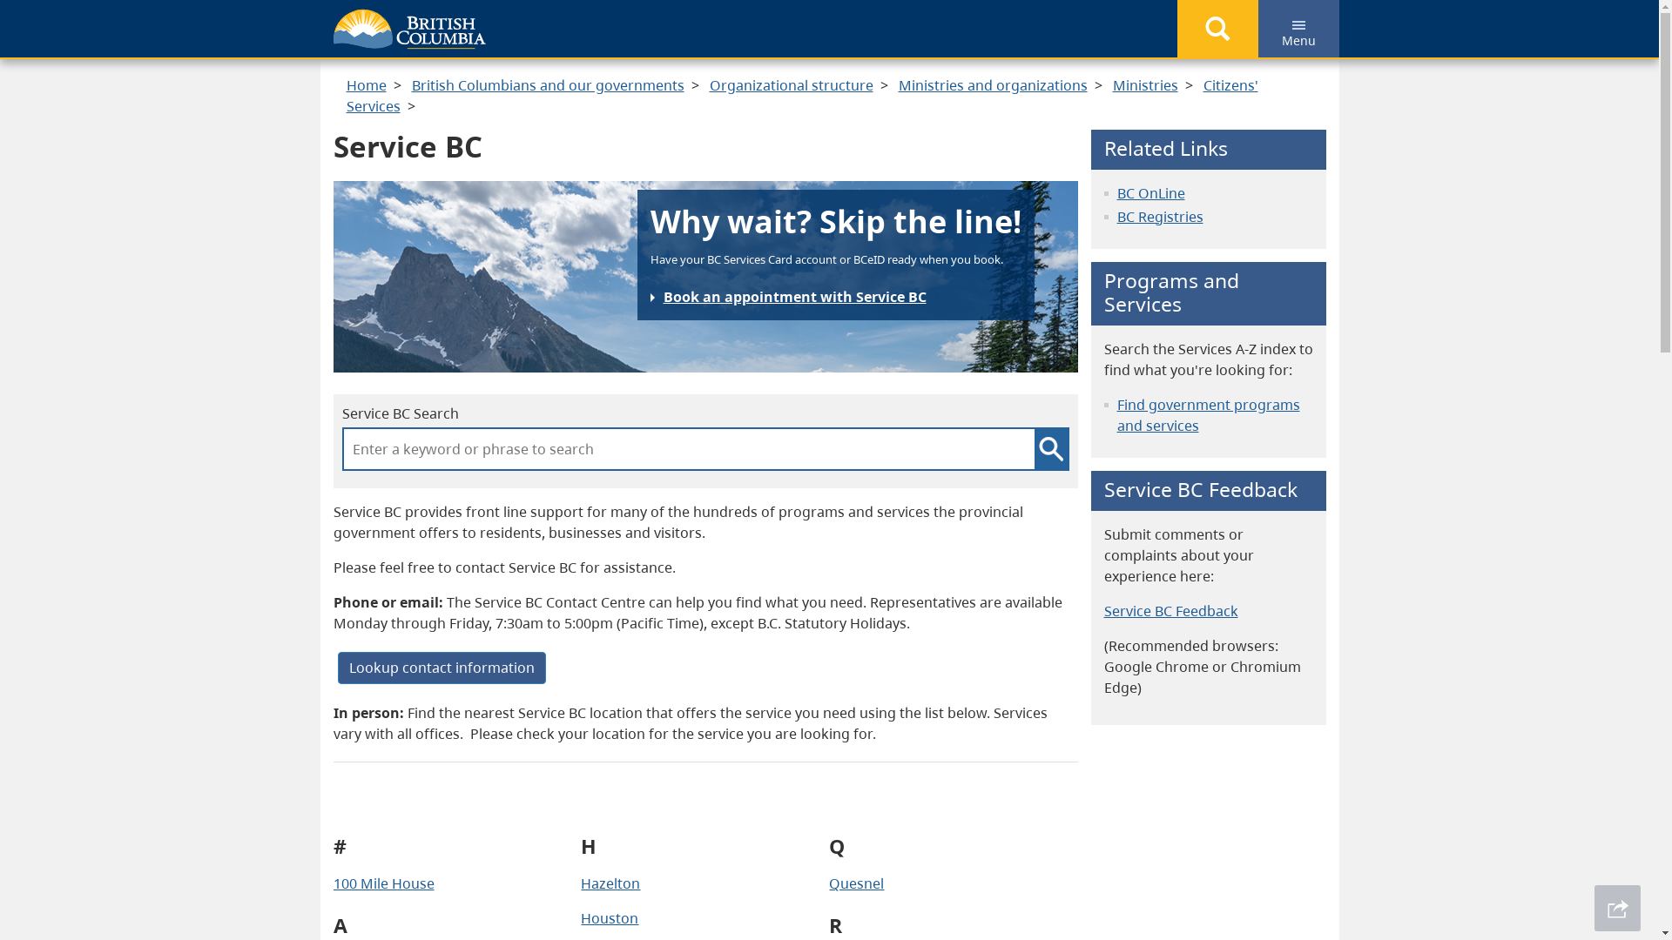 This screenshot has height=940, width=1672. I want to click on 'Service BC Feedback', so click(1170, 610).